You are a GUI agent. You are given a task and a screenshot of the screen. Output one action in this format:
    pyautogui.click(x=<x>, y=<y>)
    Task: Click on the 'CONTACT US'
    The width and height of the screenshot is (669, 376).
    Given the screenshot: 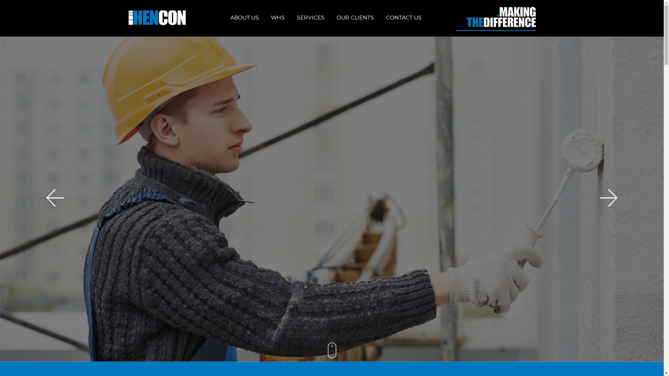 What is the action you would take?
    pyautogui.click(x=403, y=17)
    